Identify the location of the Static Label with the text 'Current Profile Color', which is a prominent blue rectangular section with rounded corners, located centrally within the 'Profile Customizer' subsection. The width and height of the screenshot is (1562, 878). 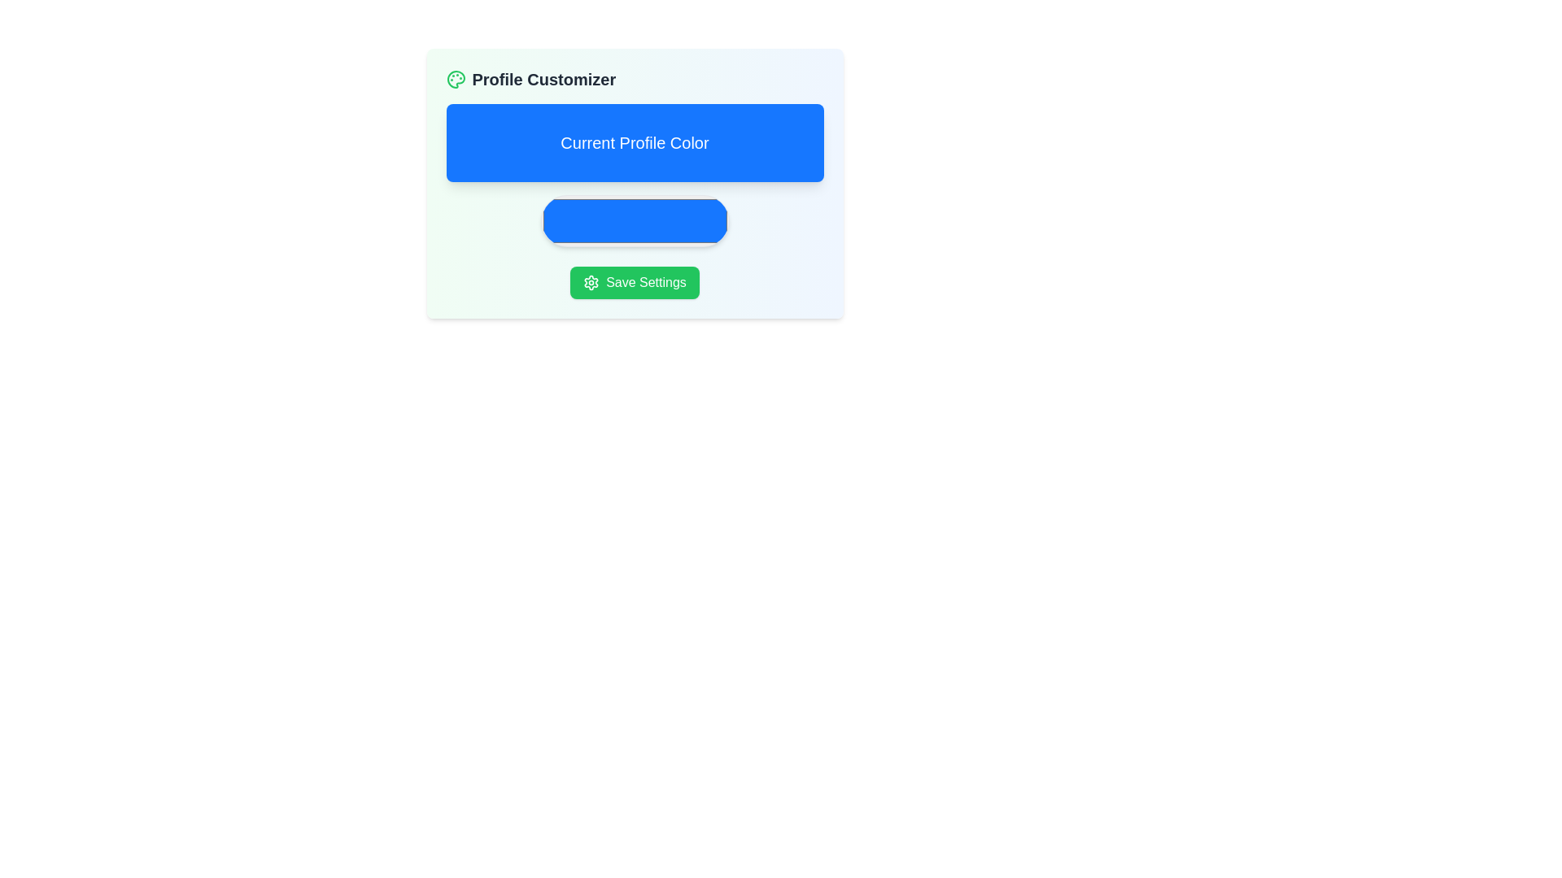
(634, 142).